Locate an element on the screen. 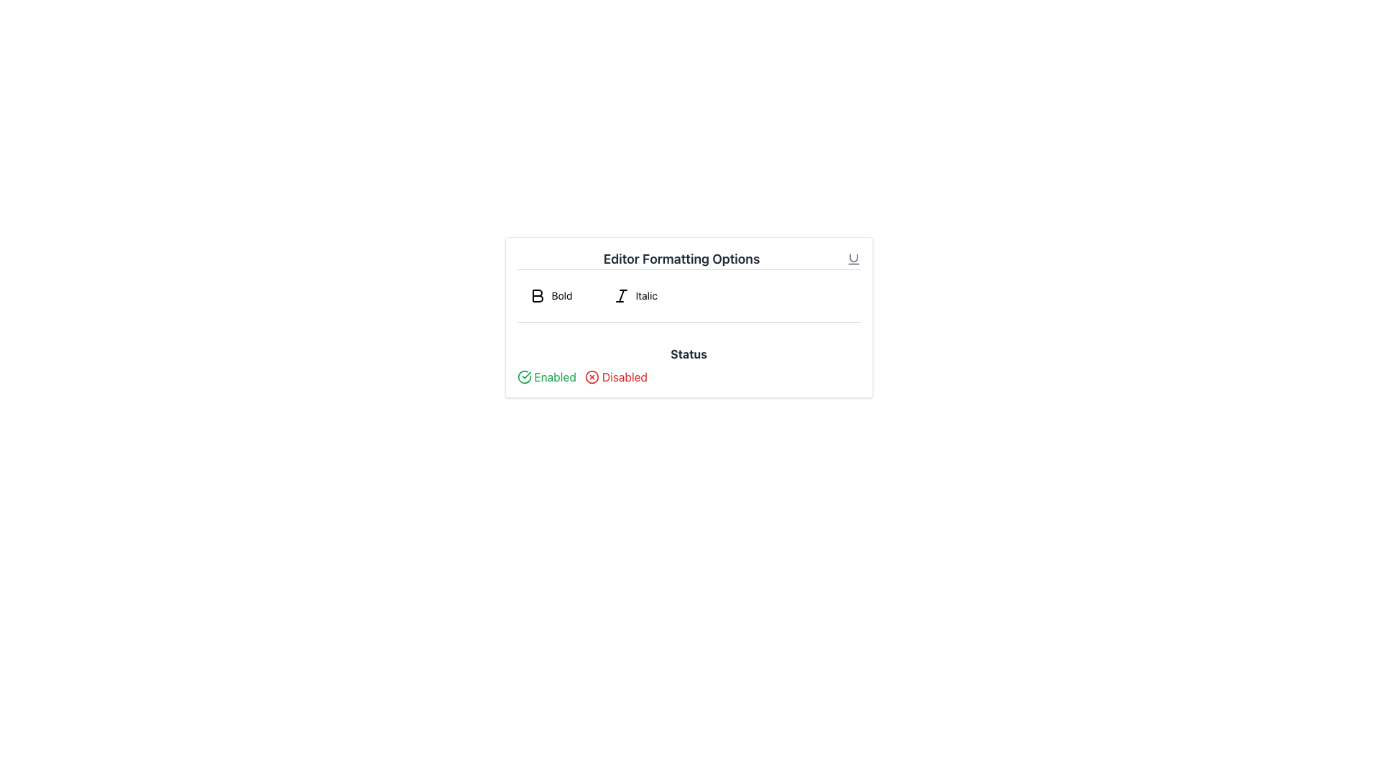  the curved line forming part of the circular icon located near the text labeled 'Status' is located at coordinates (523, 376).